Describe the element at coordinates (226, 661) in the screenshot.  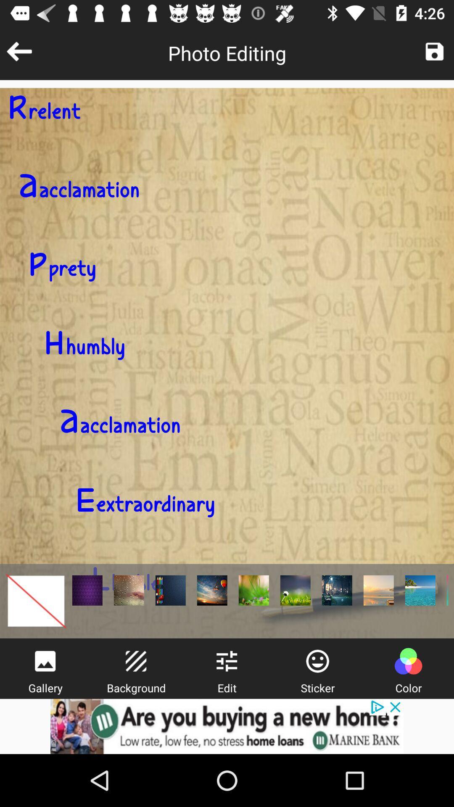
I see `the sliders icon` at that location.